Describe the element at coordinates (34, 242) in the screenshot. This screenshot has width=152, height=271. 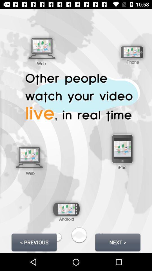
I see `the item at the bottom left corner` at that location.